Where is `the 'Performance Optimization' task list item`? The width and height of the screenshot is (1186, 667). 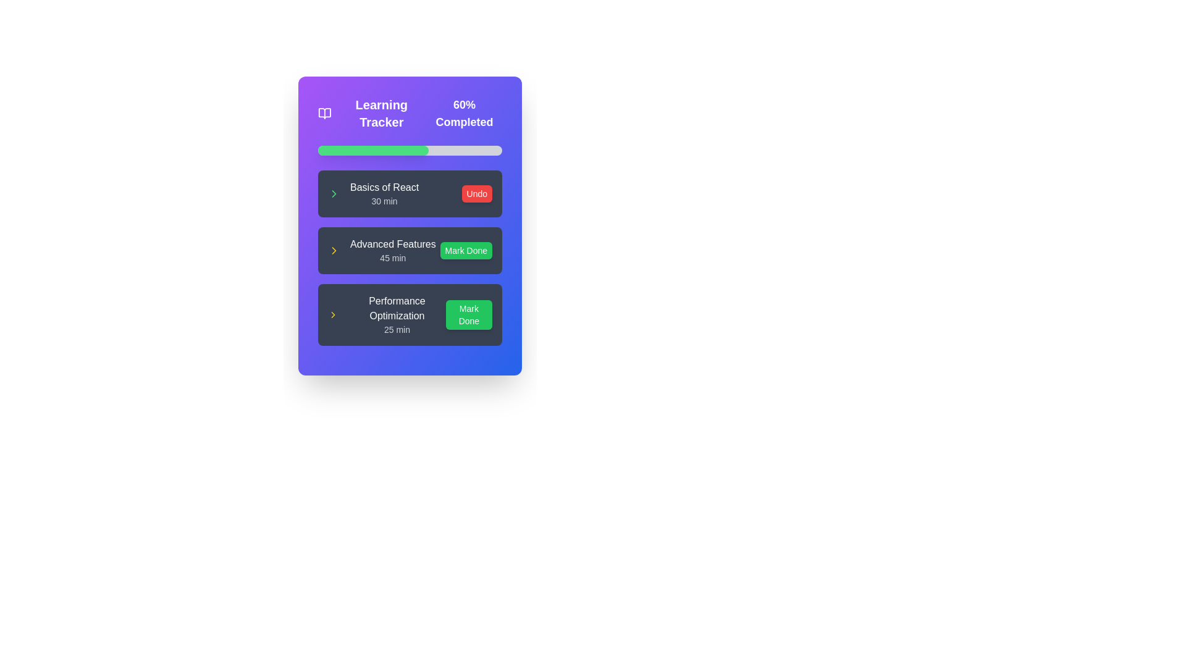 the 'Performance Optimization' task list item is located at coordinates (410, 314).